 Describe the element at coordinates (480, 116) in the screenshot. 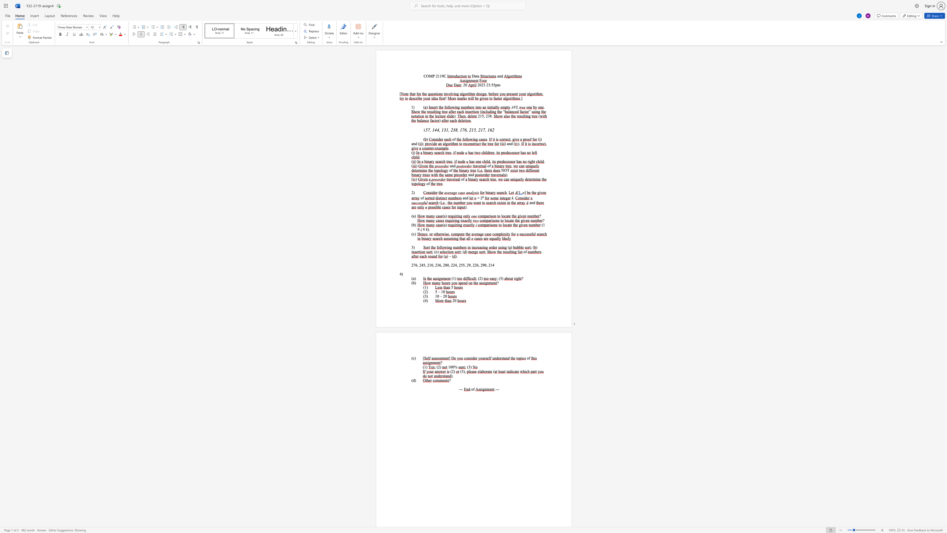

I see `the subset text "15, 23" within the text "215, 238."` at that location.